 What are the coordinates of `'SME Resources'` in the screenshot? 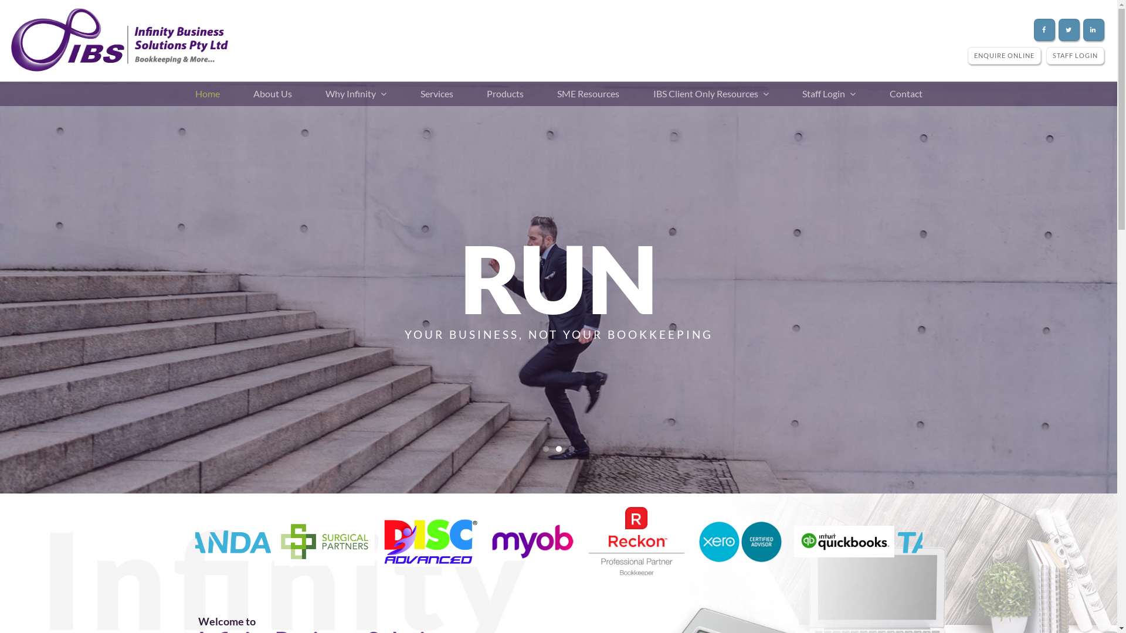 It's located at (551, 93).